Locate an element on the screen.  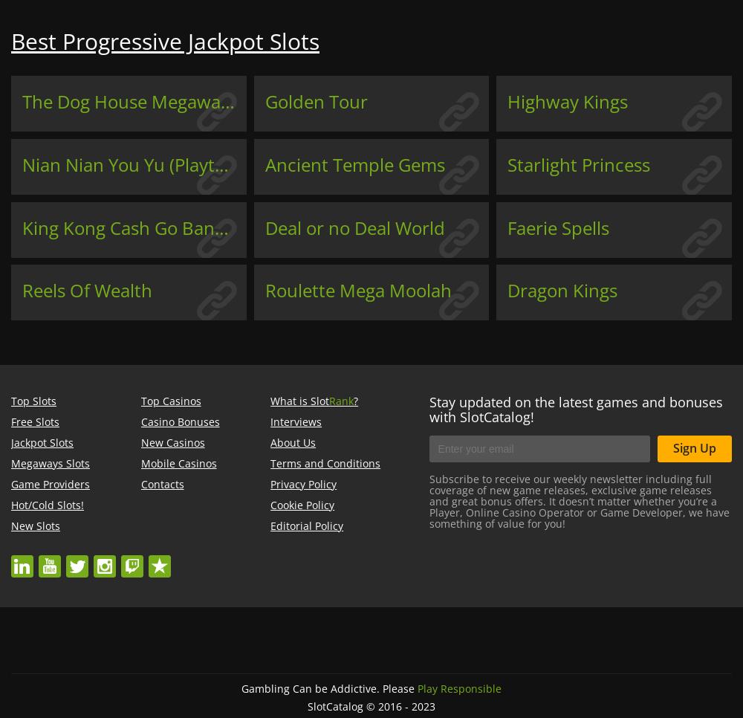
'SlotCatalog © 2016 - 2023' is located at coordinates (308, 706).